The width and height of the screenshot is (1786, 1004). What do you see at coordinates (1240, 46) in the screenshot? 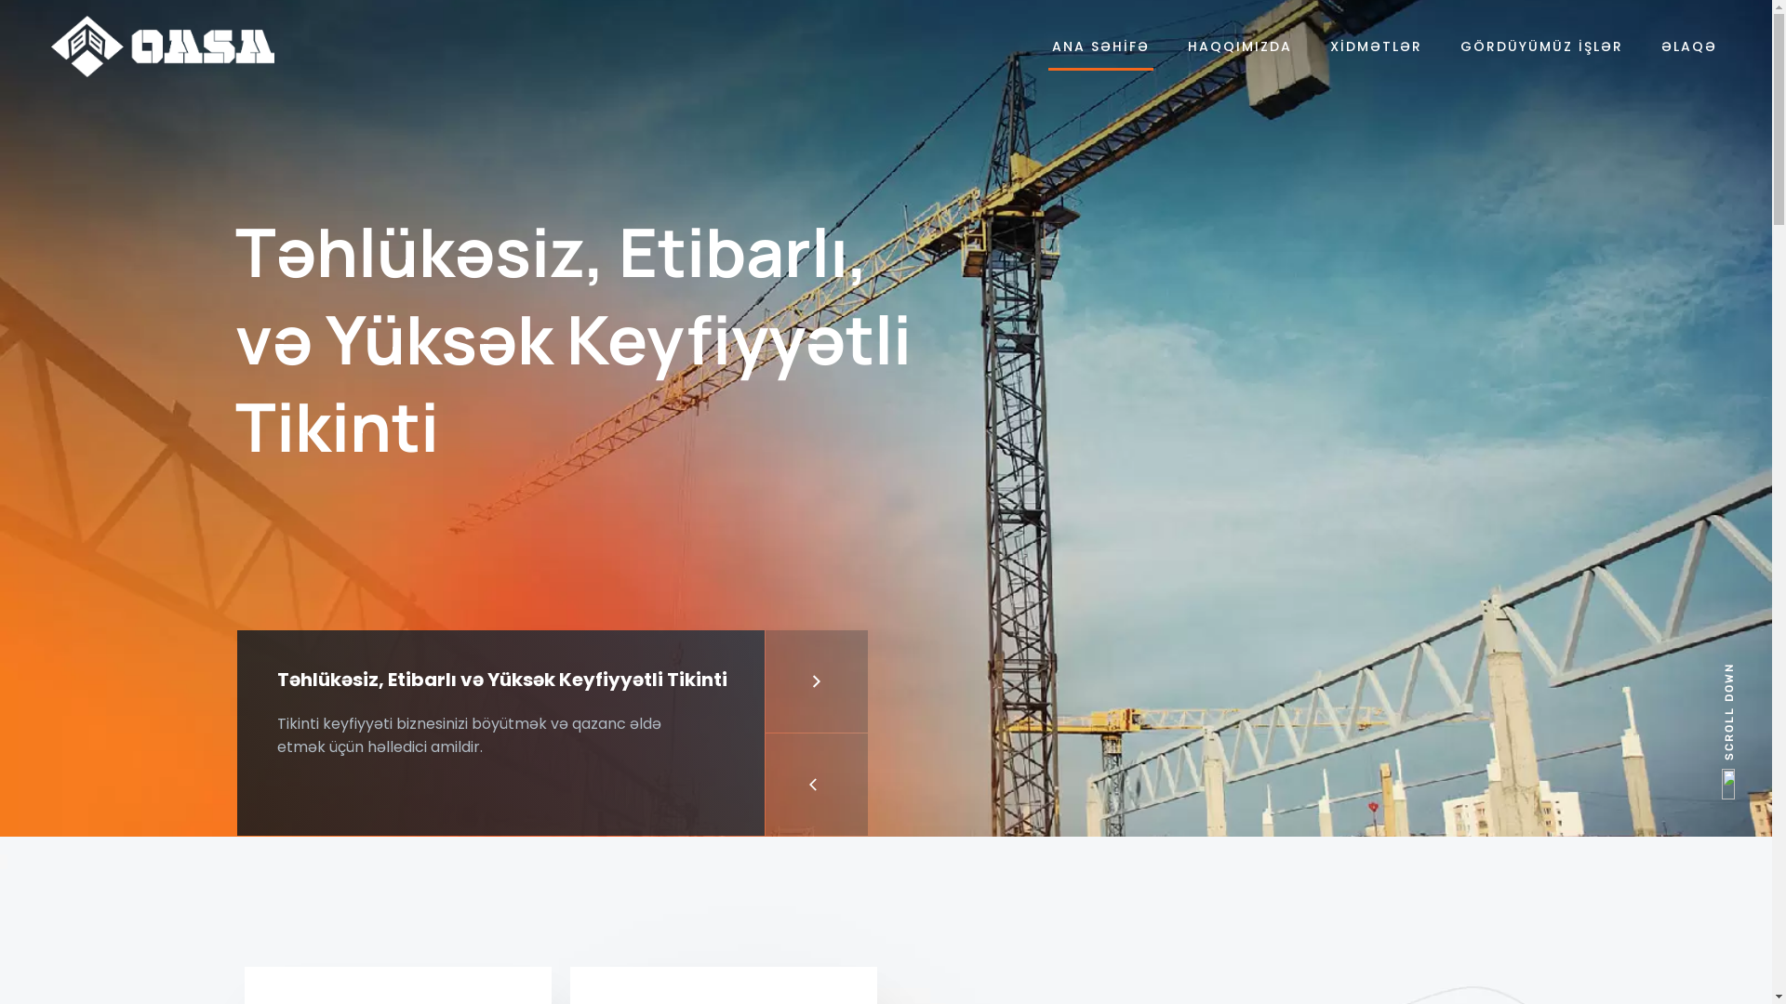
I see `'HAQQIMIZDA'` at bounding box center [1240, 46].